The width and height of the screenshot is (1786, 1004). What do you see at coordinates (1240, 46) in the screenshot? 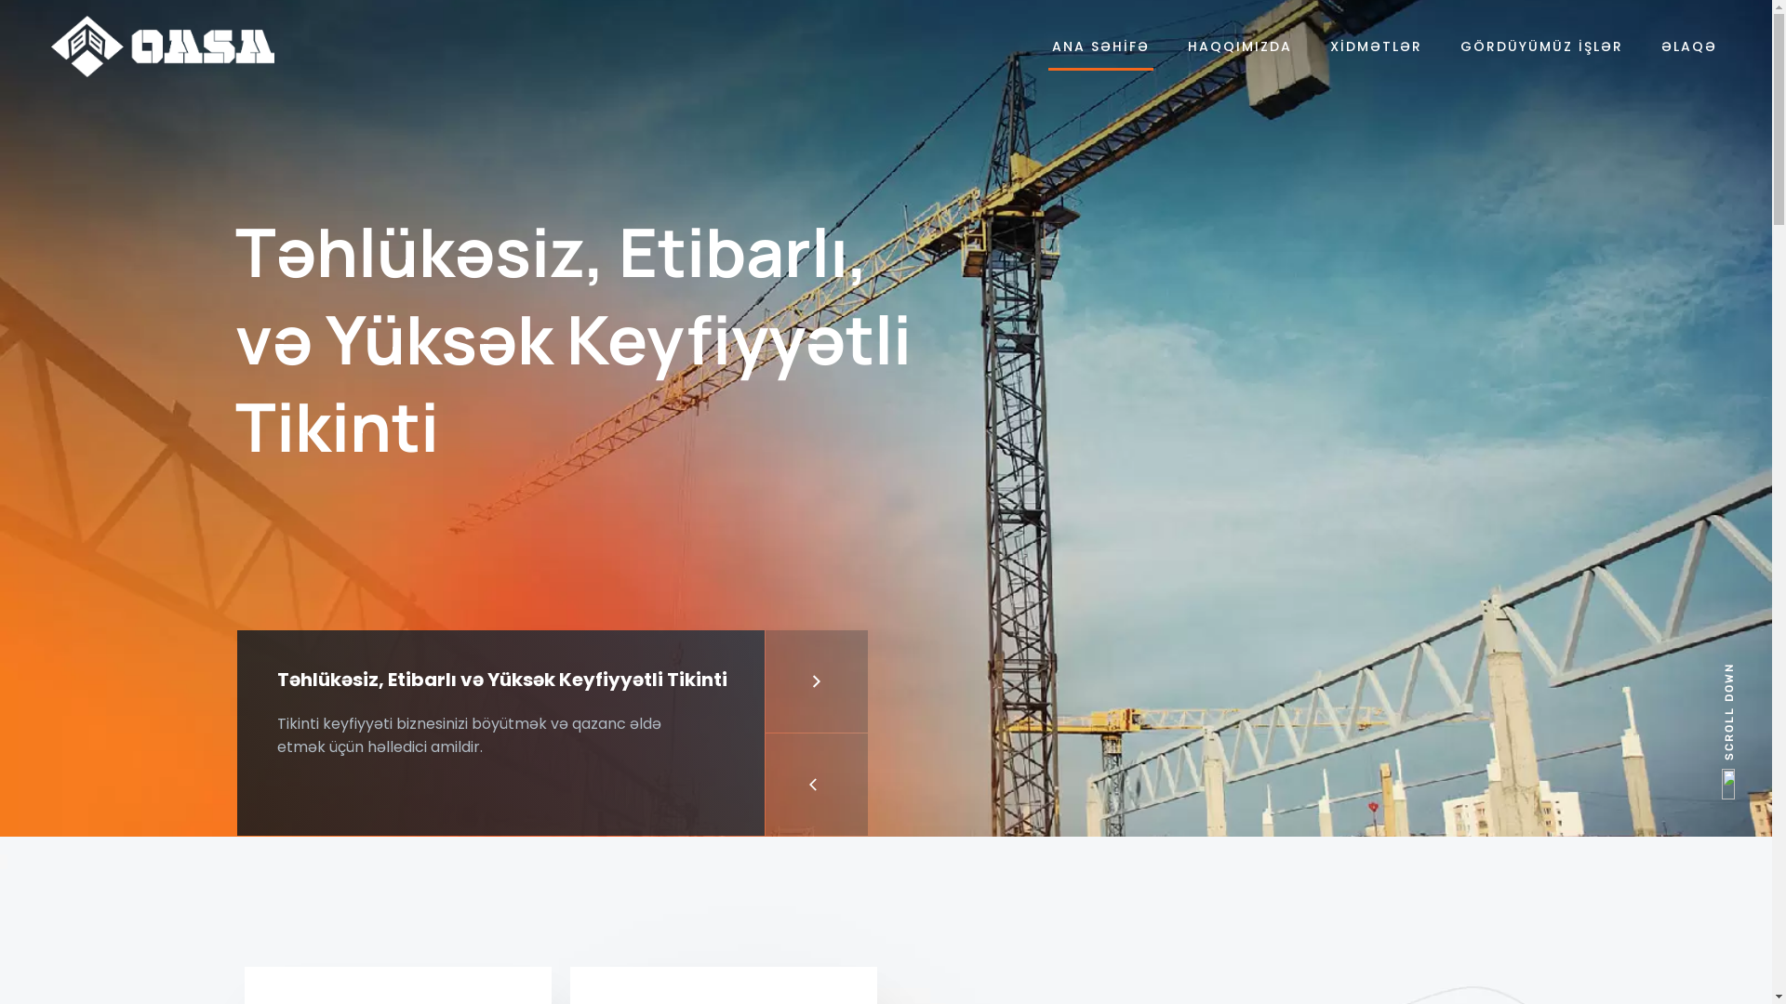
I see `'HAQQIMIZDA'` at bounding box center [1240, 46].